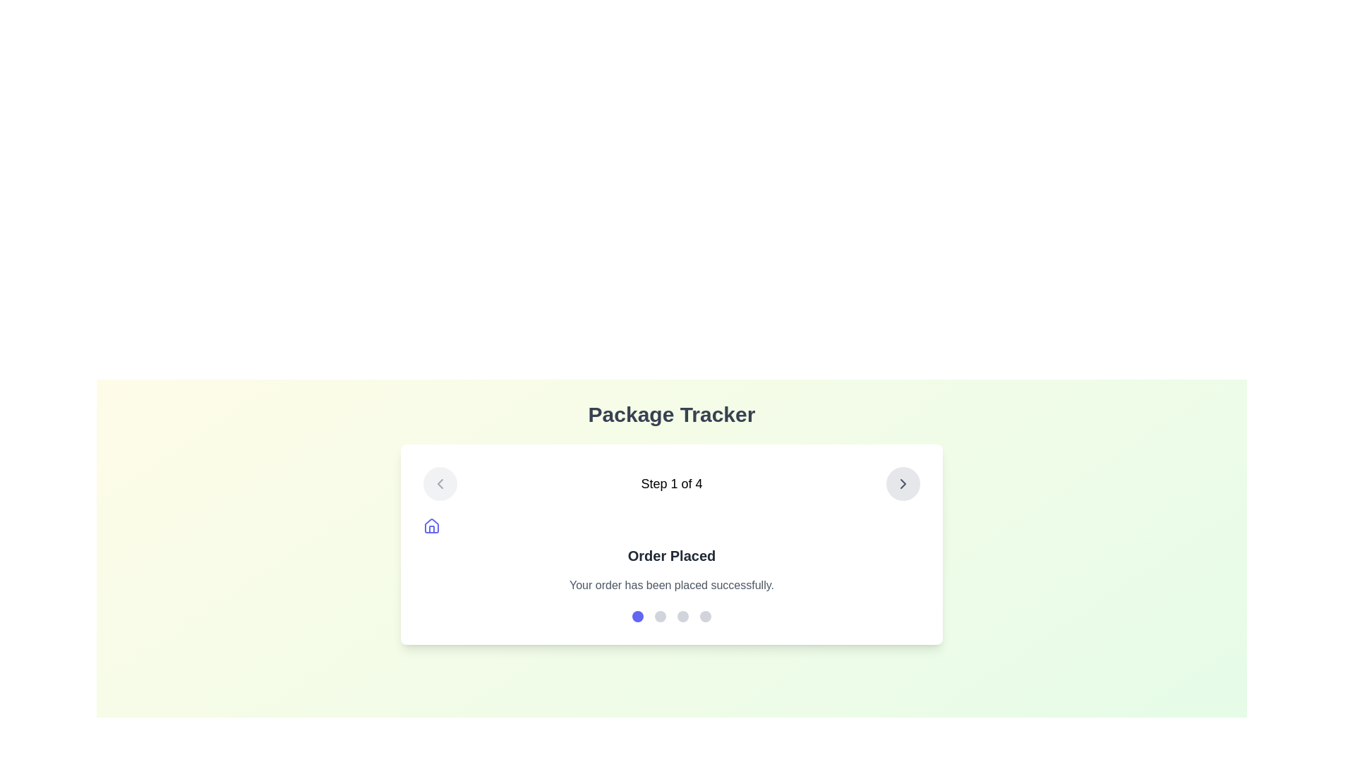 The height and width of the screenshot is (762, 1355). I want to click on the fourth circle in the progress indicator at the bottom center of the interface, so click(705, 616).